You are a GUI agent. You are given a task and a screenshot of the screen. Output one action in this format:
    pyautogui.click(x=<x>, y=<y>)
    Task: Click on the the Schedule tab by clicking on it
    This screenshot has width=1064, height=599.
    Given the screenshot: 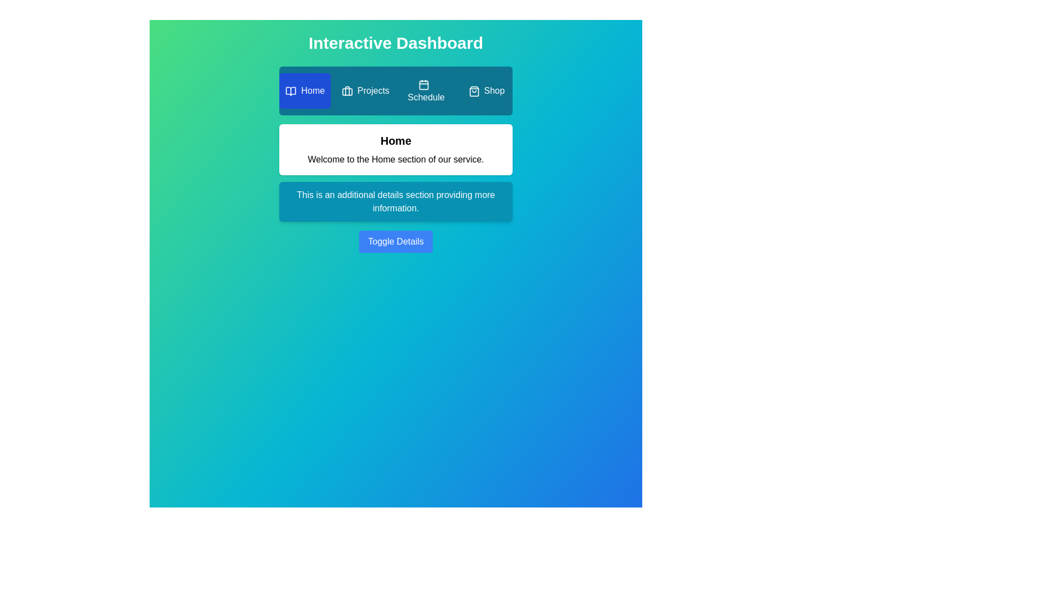 What is the action you would take?
    pyautogui.click(x=426, y=90)
    